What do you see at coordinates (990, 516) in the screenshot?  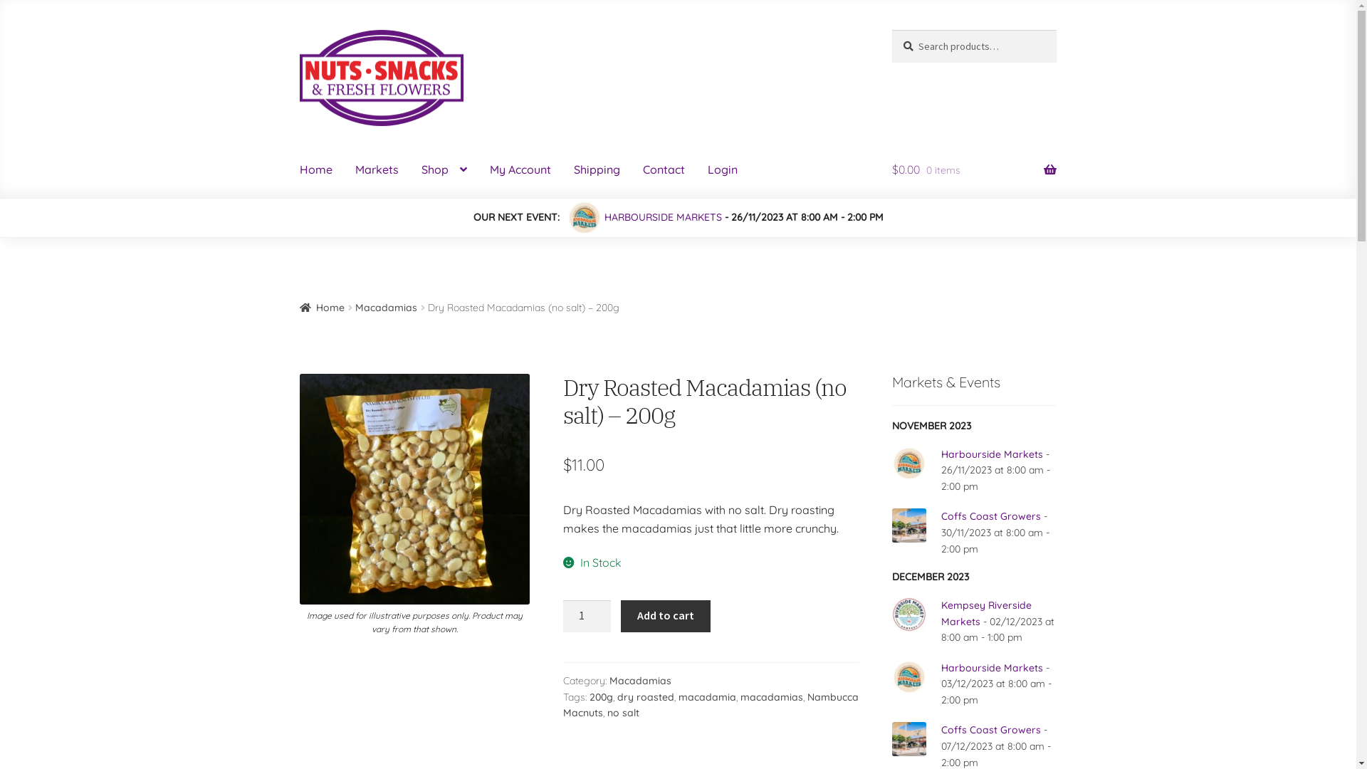 I see `'Coffs Coast Growers'` at bounding box center [990, 516].